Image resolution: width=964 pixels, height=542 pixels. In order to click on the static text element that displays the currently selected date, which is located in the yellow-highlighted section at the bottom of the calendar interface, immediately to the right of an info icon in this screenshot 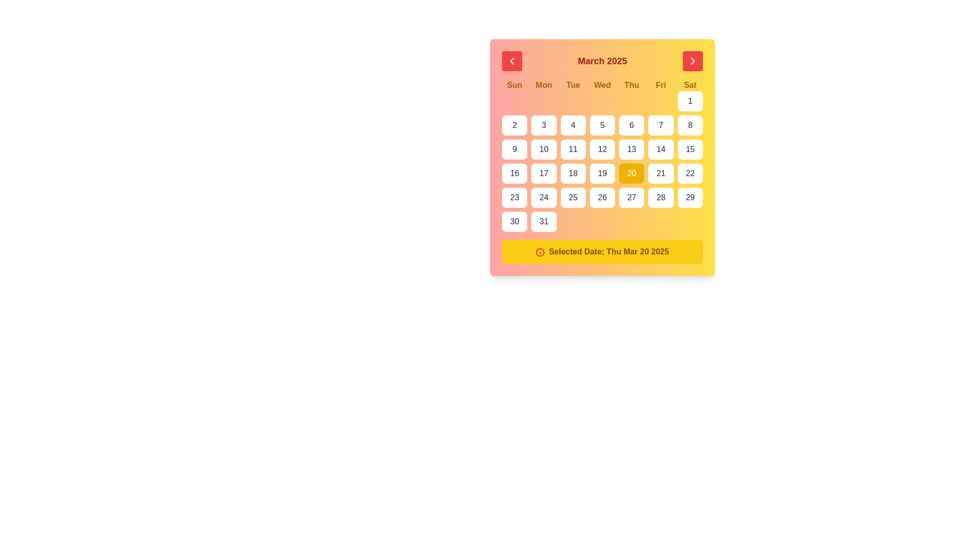, I will do `click(609, 251)`.